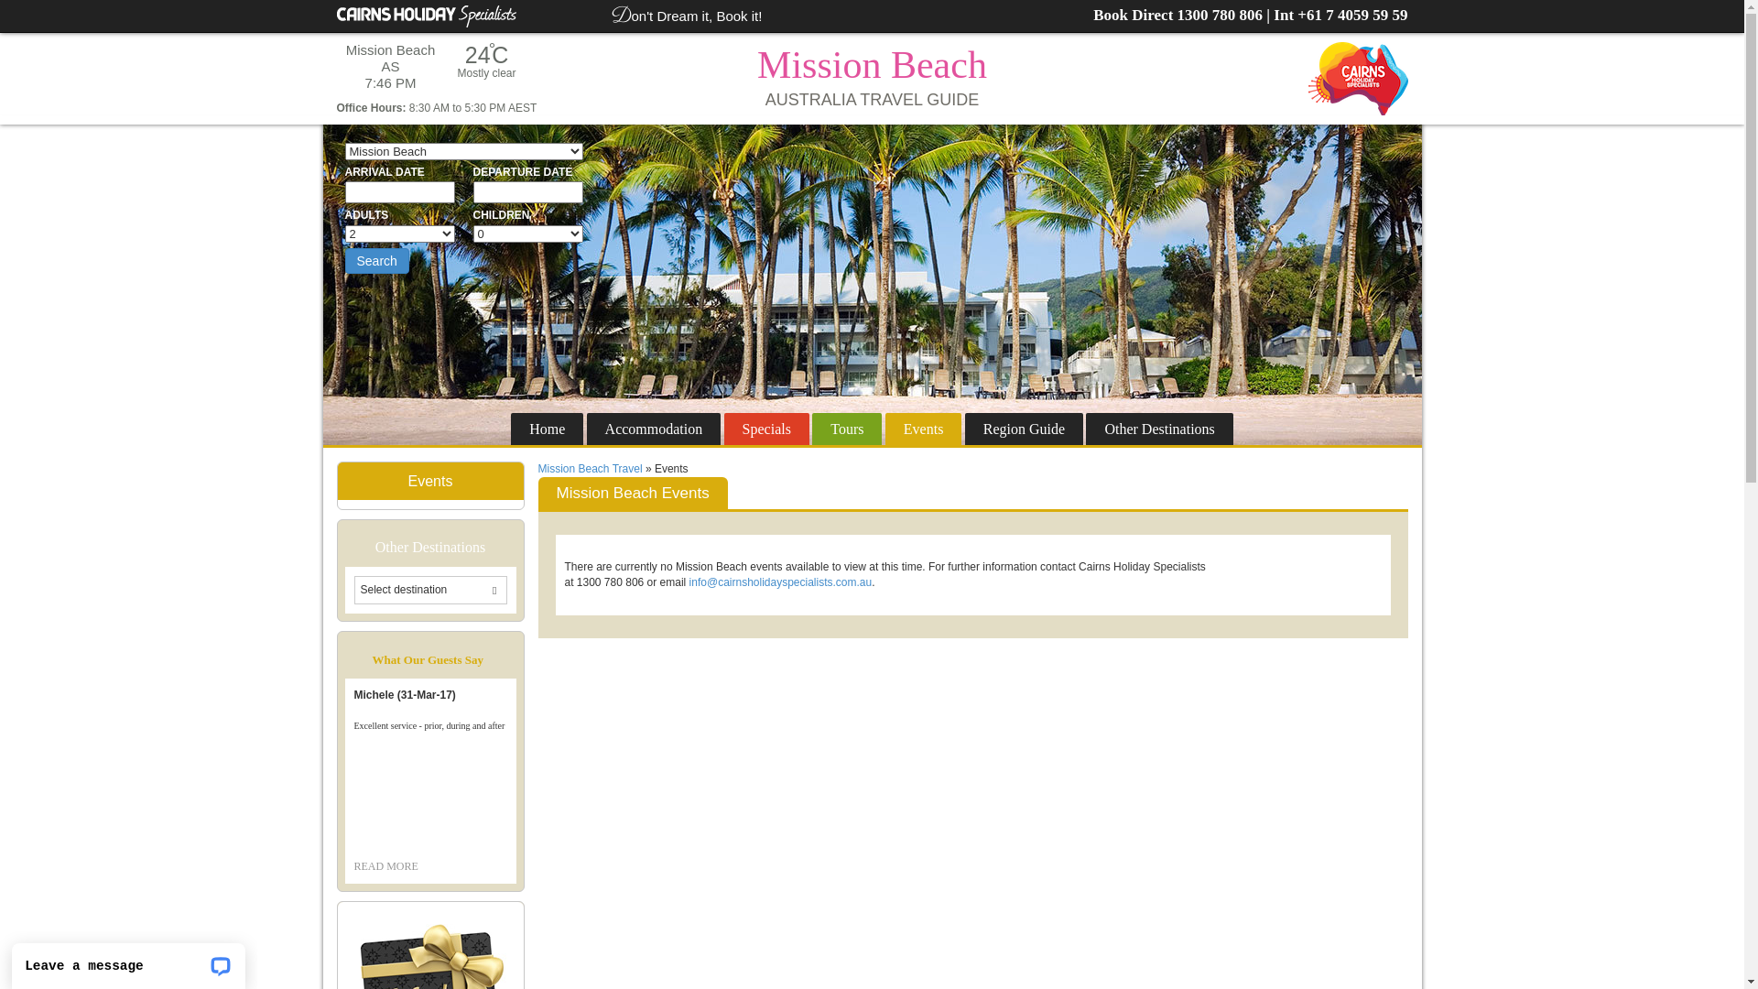 This screenshot has width=1758, height=989. I want to click on 'info@cairnsholidayspecialists.com.au', so click(781, 582).